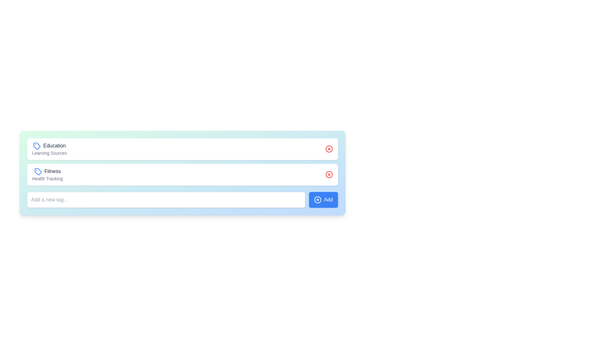  What do you see at coordinates (318, 200) in the screenshot?
I see `the circular icon with a plus symbol inside it, which is located to the right of the blue 'Add' button in the bottom right area of the interface` at bounding box center [318, 200].